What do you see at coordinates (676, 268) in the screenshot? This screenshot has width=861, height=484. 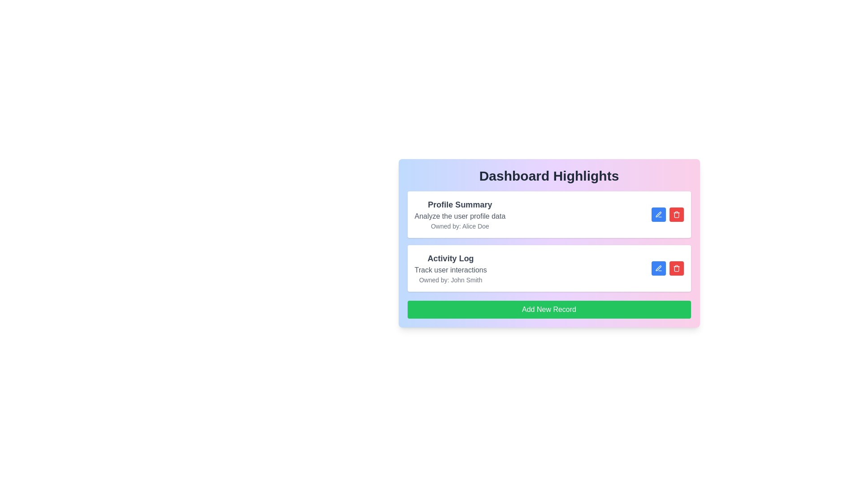 I see `the middle part of the trash can icon located in the bottom-right corner of the 'Activity Log' card under 'Dashboard Highlights'` at bounding box center [676, 268].